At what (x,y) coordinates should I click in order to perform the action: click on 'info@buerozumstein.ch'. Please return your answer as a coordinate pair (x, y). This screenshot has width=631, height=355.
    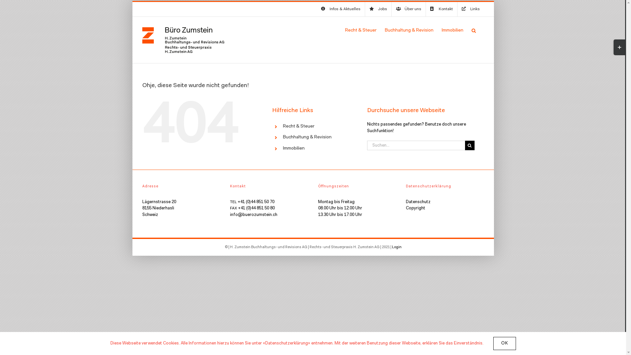
    Looking at the image, I should click on (253, 215).